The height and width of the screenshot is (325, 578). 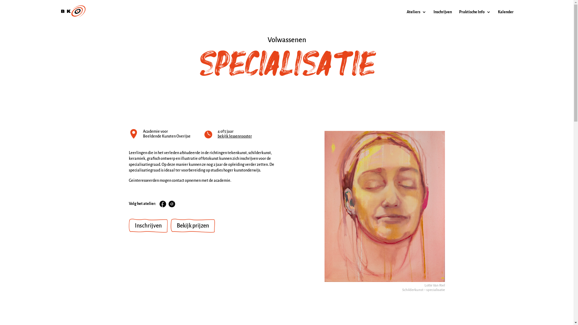 What do you see at coordinates (128, 225) in the screenshot?
I see `'Inschrijven'` at bounding box center [128, 225].